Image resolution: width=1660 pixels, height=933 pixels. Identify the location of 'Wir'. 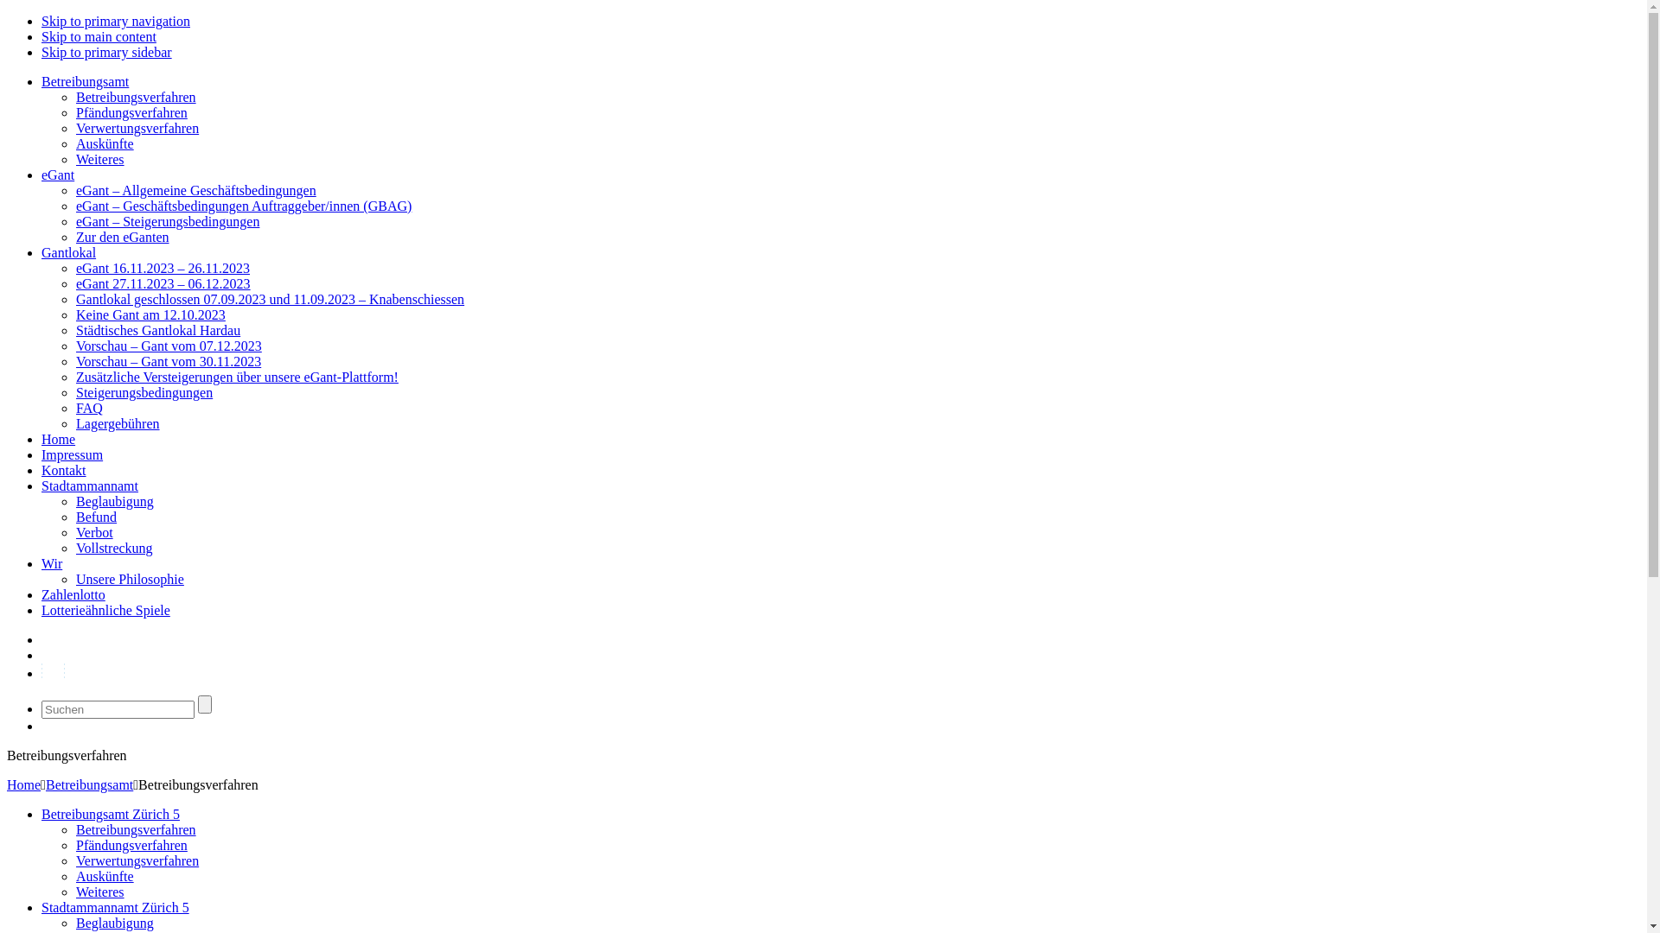
(51, 563).